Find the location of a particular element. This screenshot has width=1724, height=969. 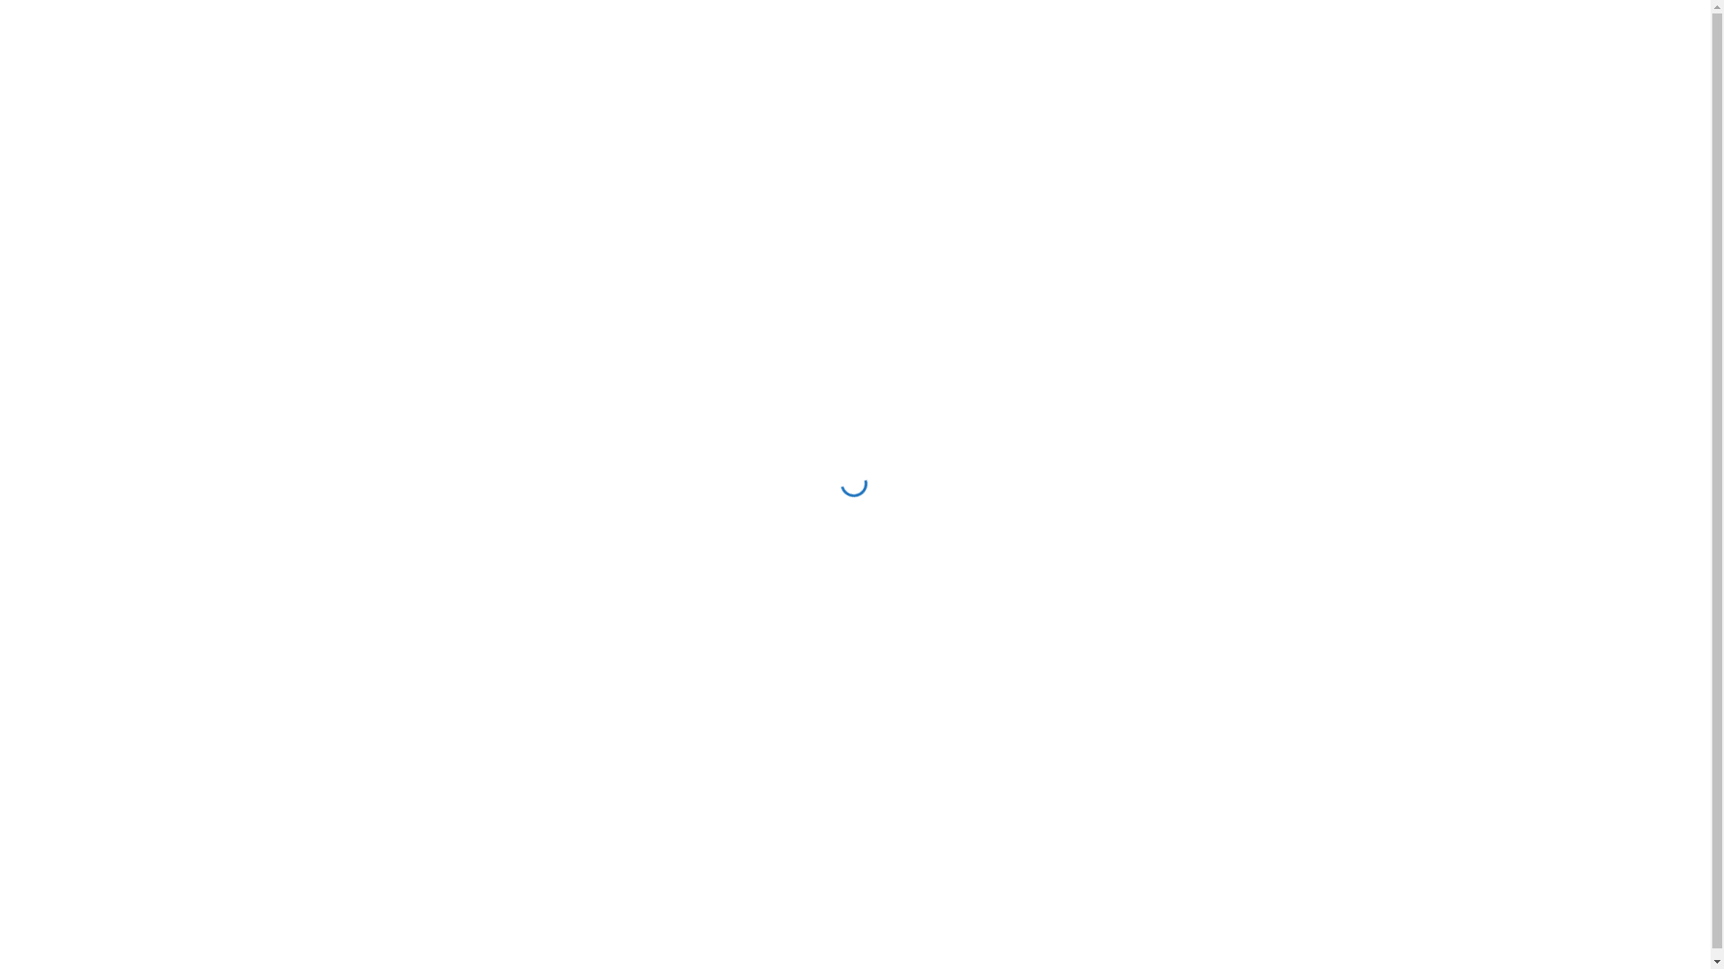

'Home' is located at coordinates (38, 141).